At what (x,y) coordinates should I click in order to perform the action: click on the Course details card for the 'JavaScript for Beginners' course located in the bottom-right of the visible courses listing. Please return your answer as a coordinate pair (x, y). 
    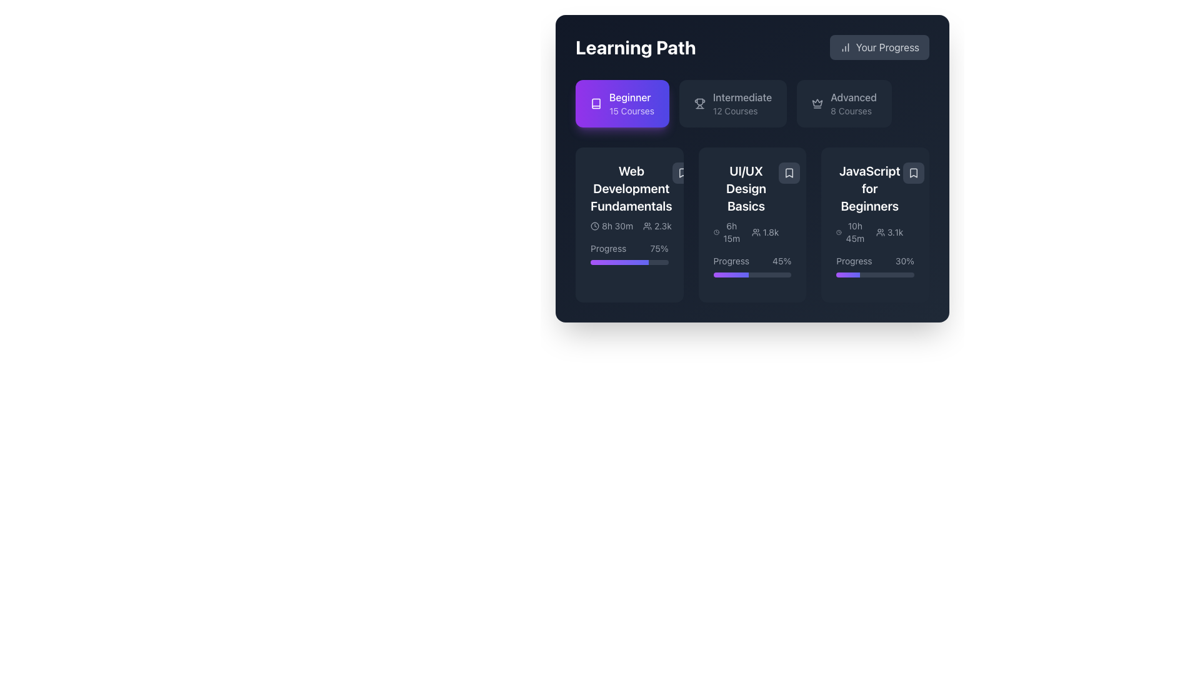
    Looking at the image, I should click on (874, 203).